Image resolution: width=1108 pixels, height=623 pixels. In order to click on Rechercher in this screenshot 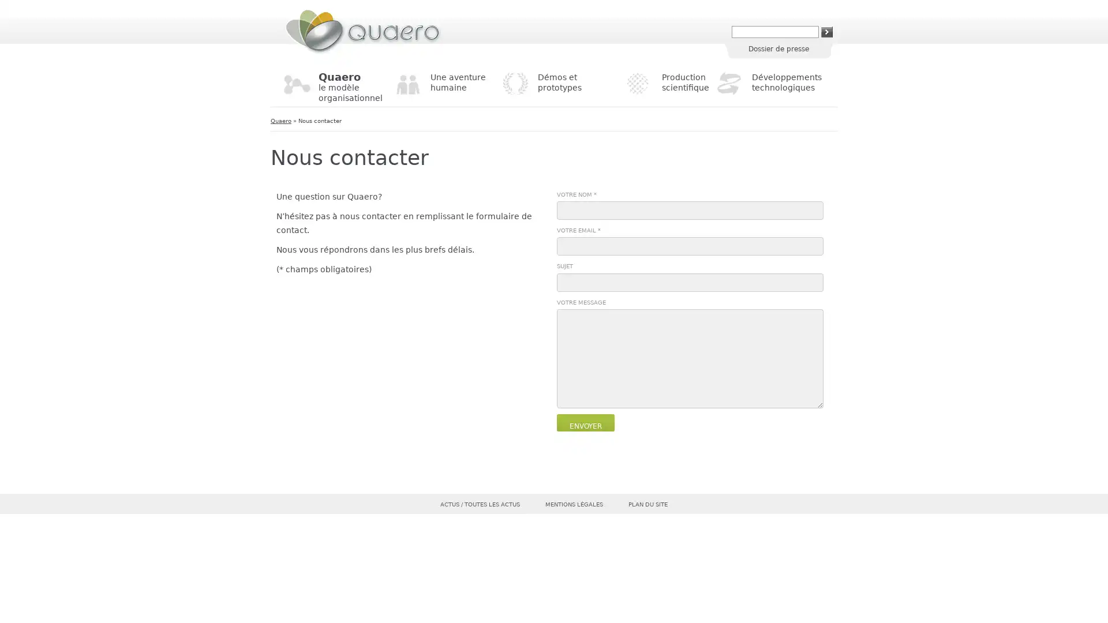, I will do `click(826, 31)`.